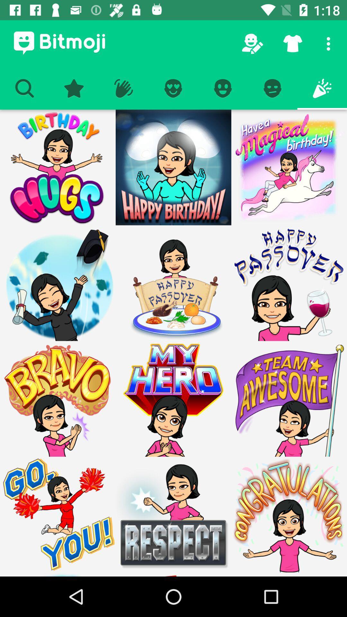 The width and height of the screenshot is (347, 617). I want to click on graduate, so click(58, 283).